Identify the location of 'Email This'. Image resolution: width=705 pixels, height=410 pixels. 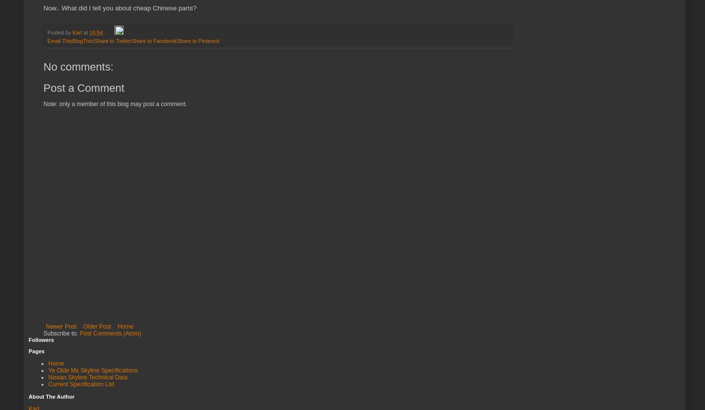
(59, 40).